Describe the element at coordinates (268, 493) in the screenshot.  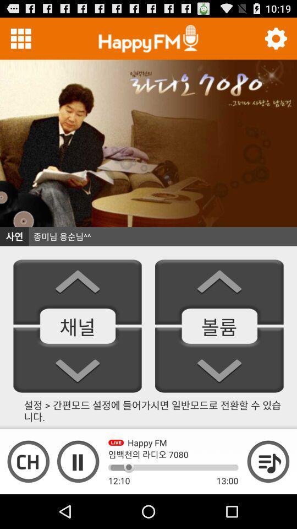
I see `the playlist icon` at that location.